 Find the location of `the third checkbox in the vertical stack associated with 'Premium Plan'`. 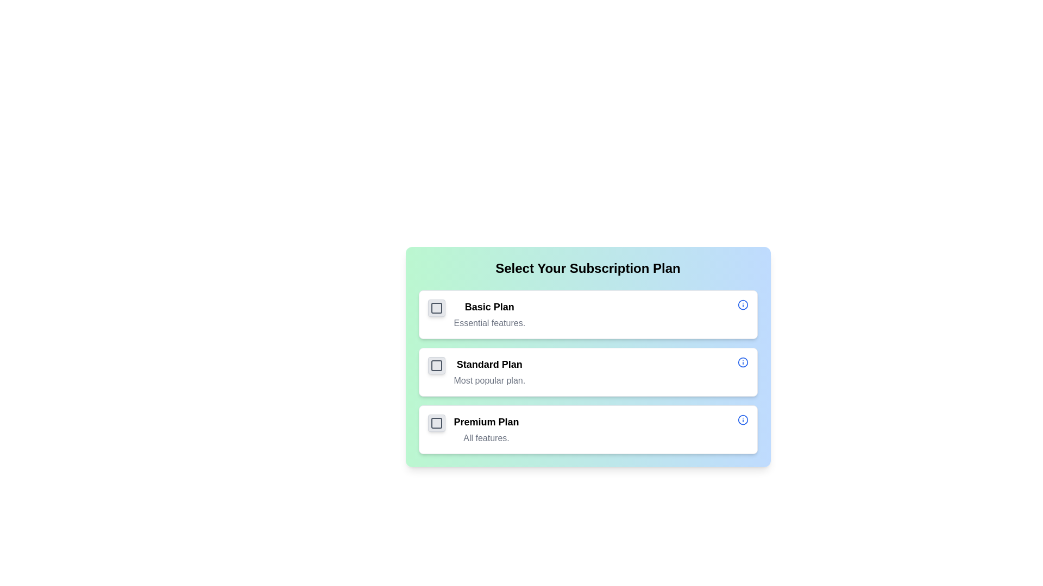

the third checkbox in the vertical stack associated with 'Premium Plan' is located at coordinates (436, 422).